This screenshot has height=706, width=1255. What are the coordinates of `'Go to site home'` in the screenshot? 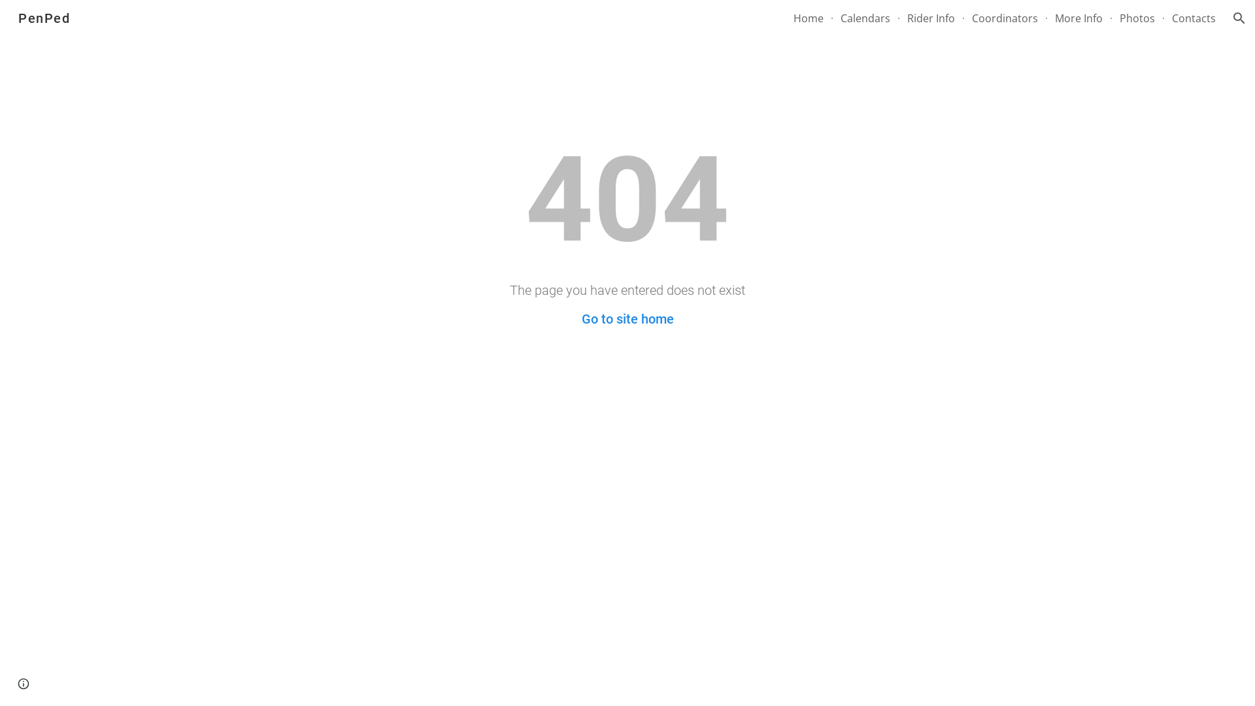 It's located at (627, 319).